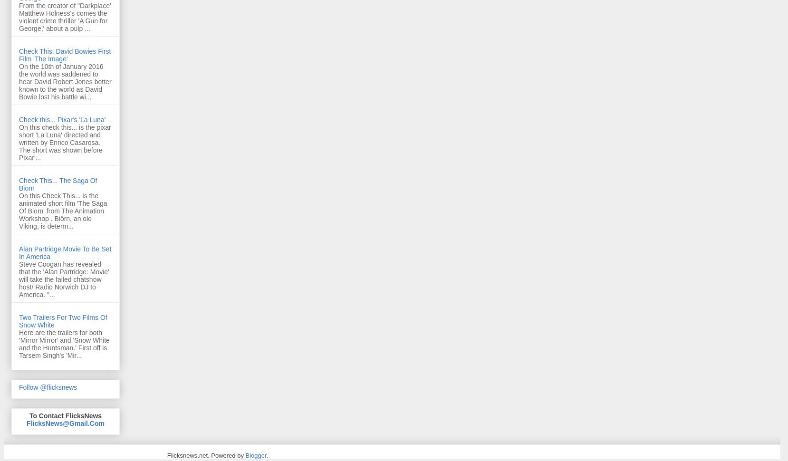 This screenshot has height=461, width=788. Describe the element at coordinates (47, 387) in the screenshot. I see `'Follow @flicksnews'` at that location.